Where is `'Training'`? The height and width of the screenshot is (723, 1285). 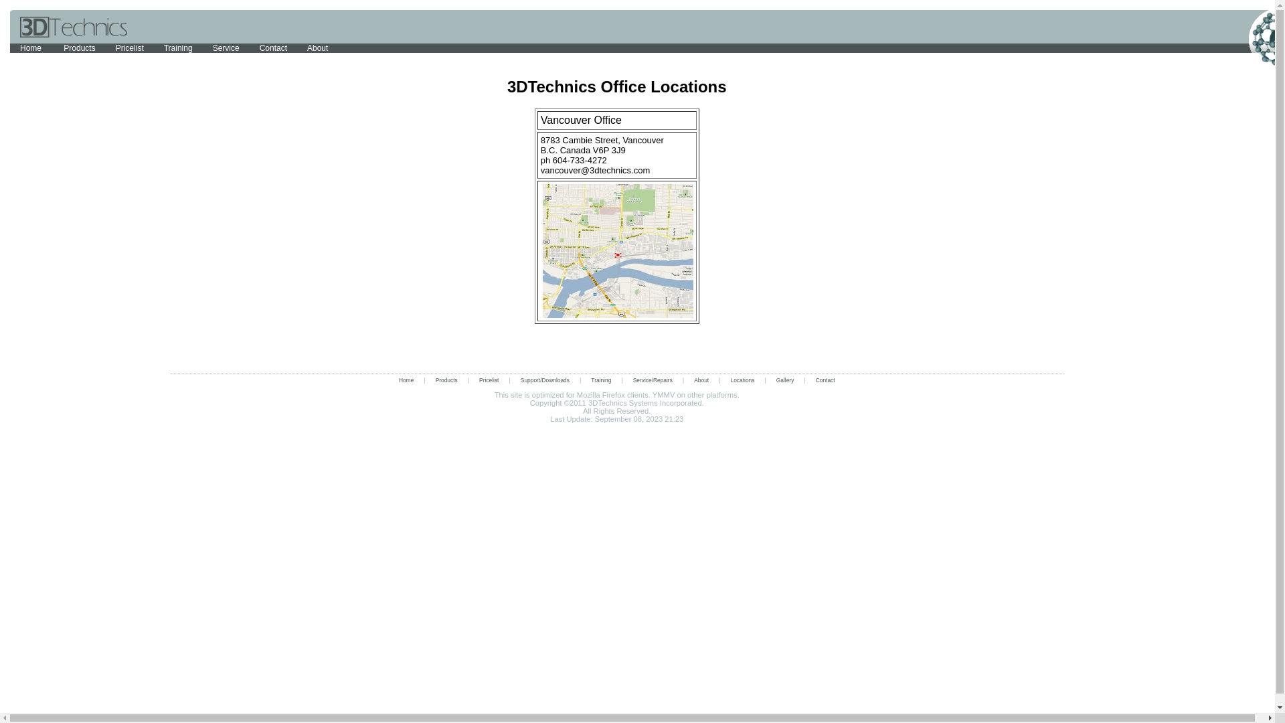 'Training' is located at coordinates (600, 380).